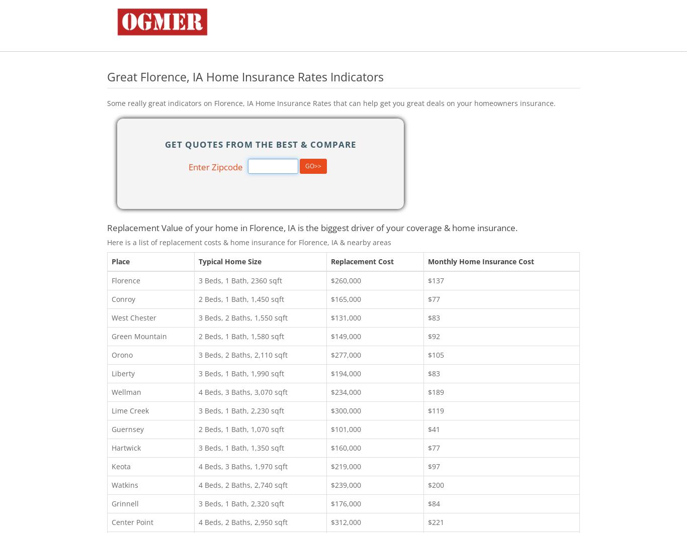 The width and height of the screenshot is (687, 533). What do you see at coordinates (436, 279) in the screenshot?
I see `'$137'` at bounding box center [436, 279].